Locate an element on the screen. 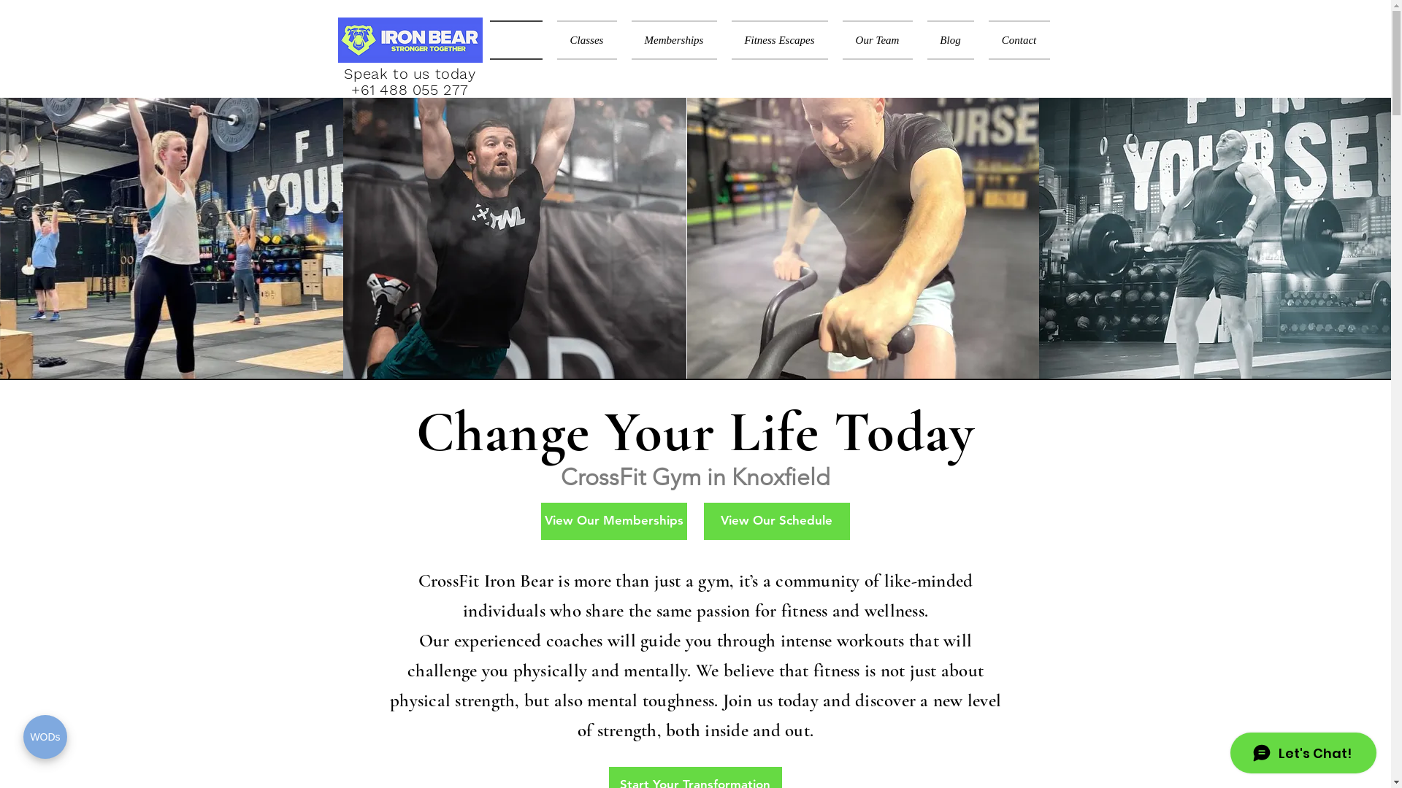  'Our Team' is located at coordinates (876, 39).